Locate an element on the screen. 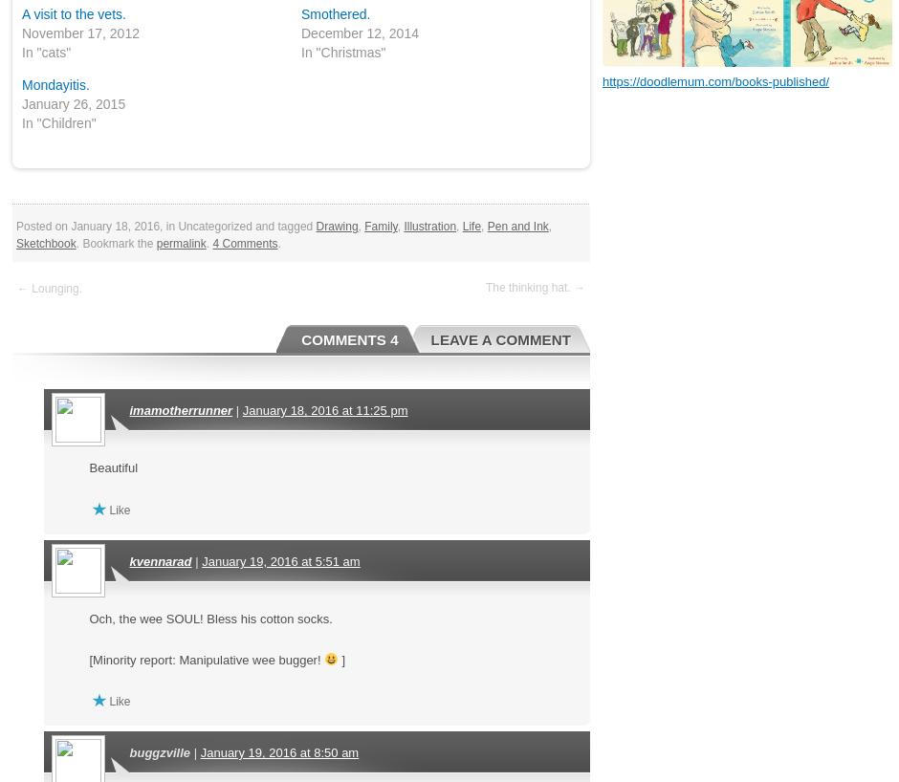 The height and width of the screenshot is (782, 899). '← Lounging.' is located at coordinates (48, 288).